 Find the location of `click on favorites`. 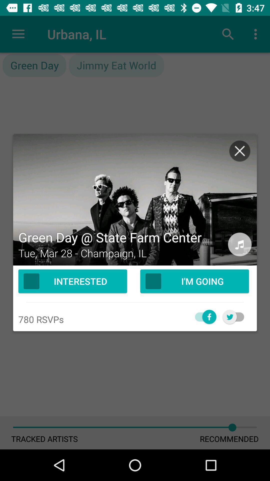

click on favorites is located at coordinates (236, 316).